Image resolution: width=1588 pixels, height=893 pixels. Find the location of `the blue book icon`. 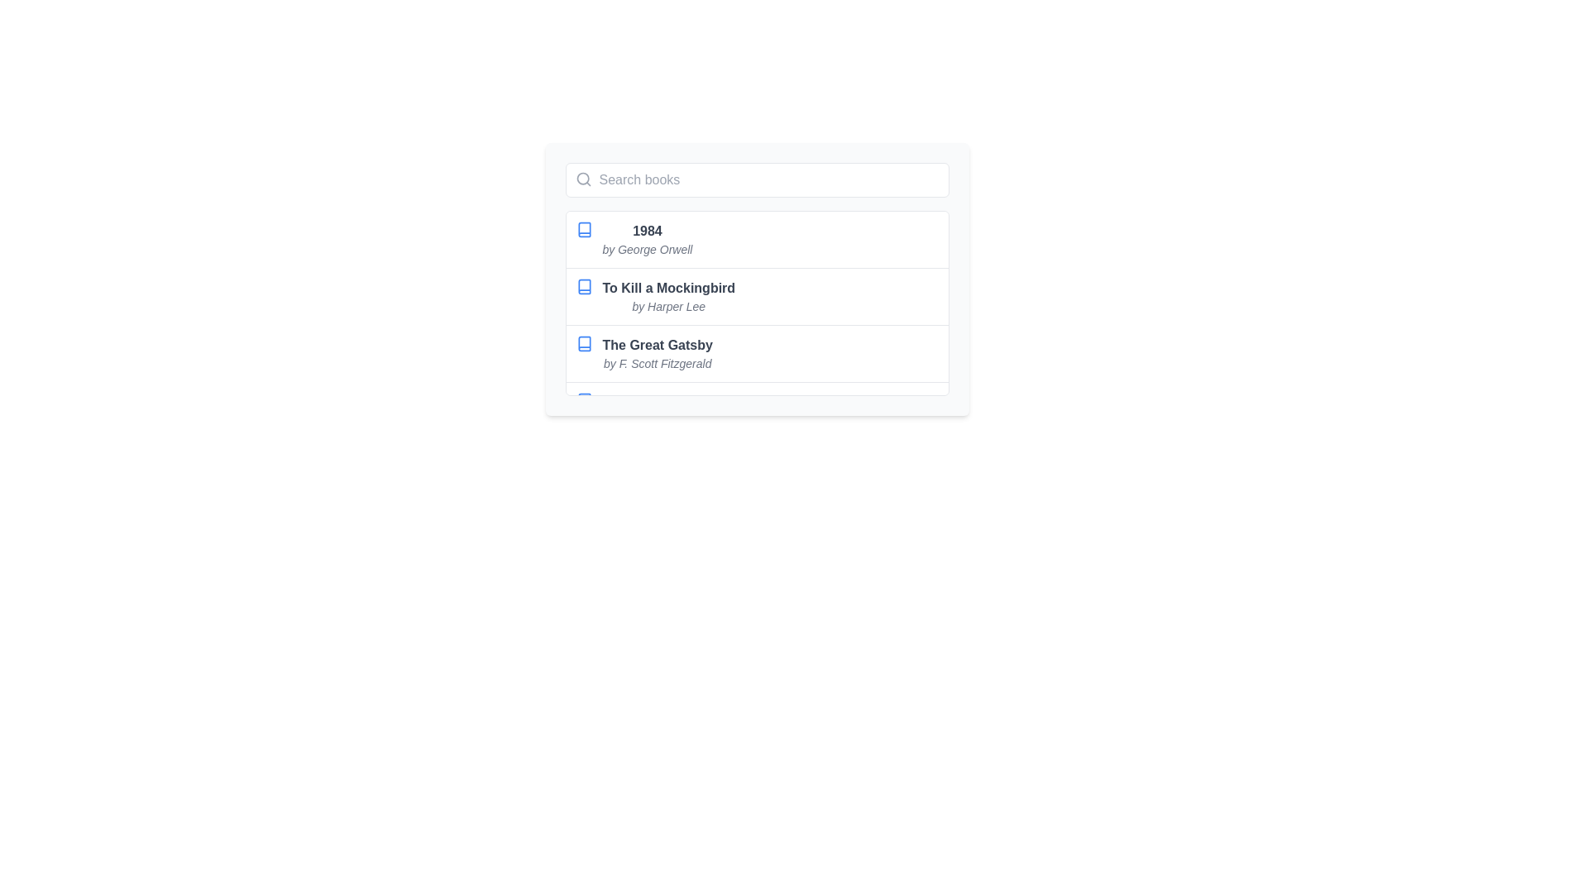

the blue book icon is located at coordinates (584, 343).